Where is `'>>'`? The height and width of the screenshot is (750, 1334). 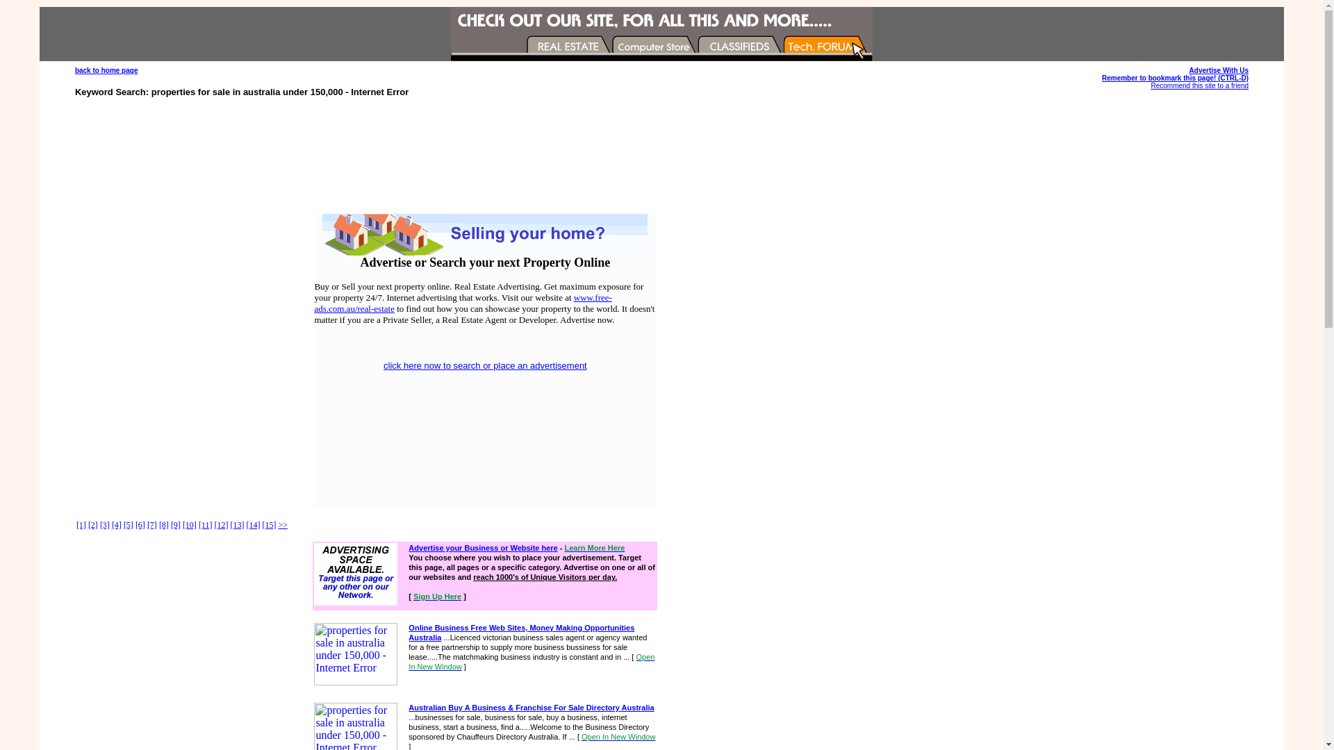 '>>' is located at coordinates (282, 525).